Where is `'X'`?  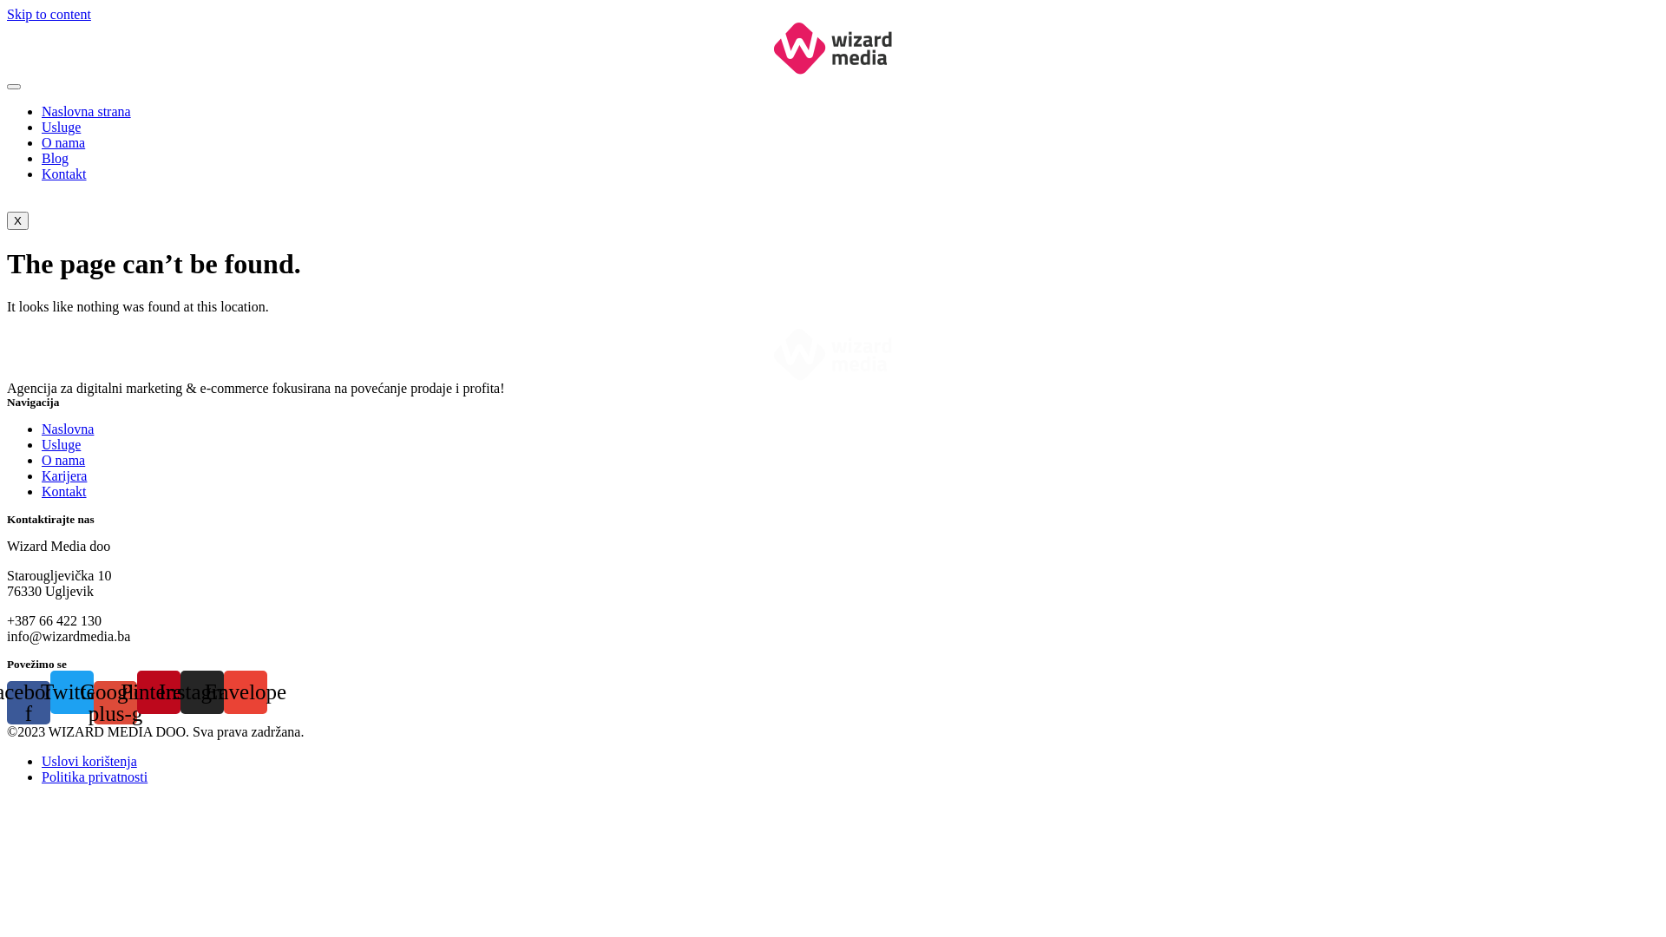
'X' is located at coordinates (17, 220).